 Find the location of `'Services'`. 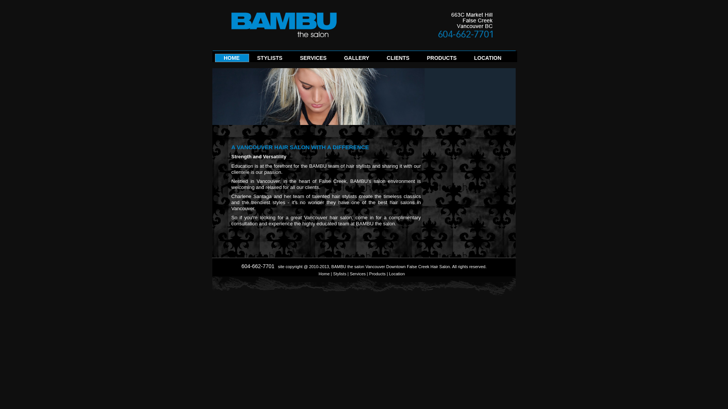

'Services' is located at coordinates (357, 273).